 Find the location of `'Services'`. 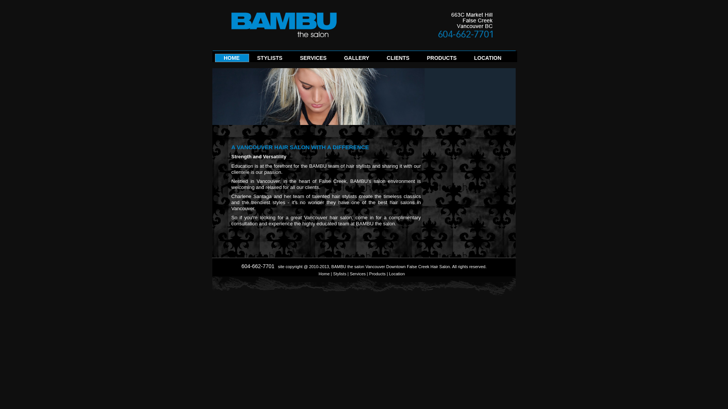

'Services' is located at coordinates (357, 273).